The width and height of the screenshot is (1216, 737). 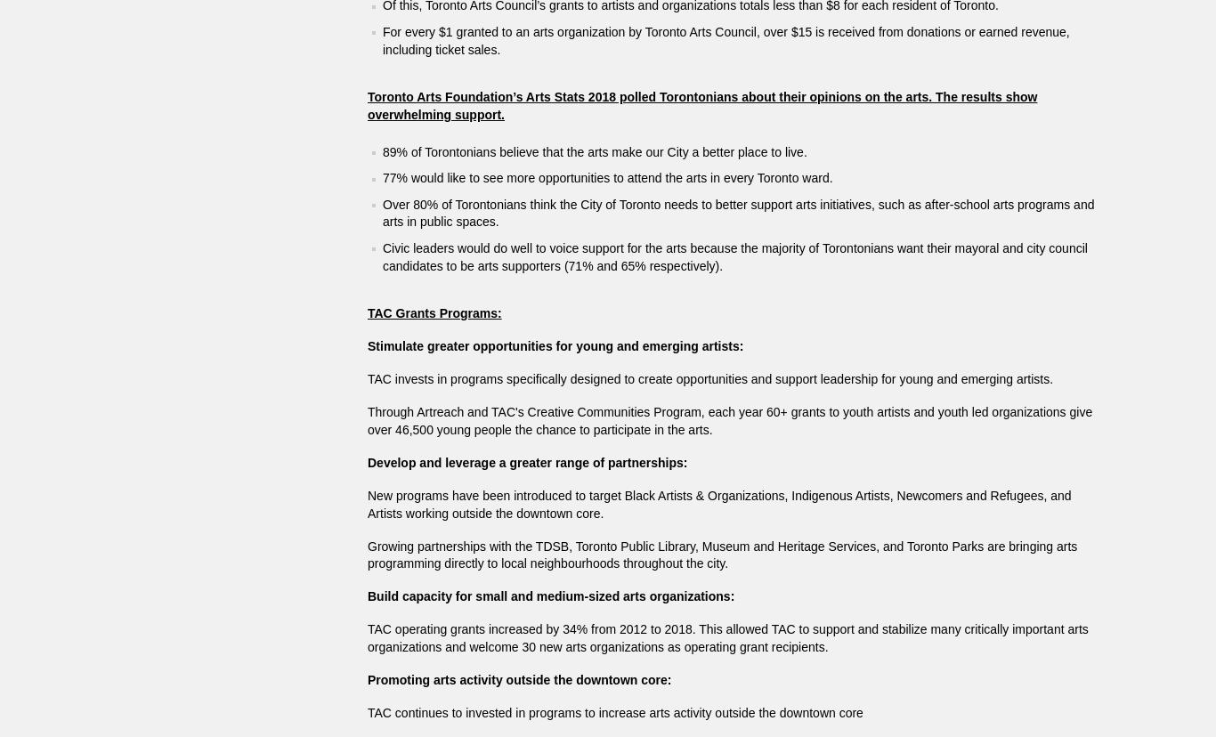 I want to click on 'Build capacity for small and medium-sized arts organizations:', so click(x=549, y=595).